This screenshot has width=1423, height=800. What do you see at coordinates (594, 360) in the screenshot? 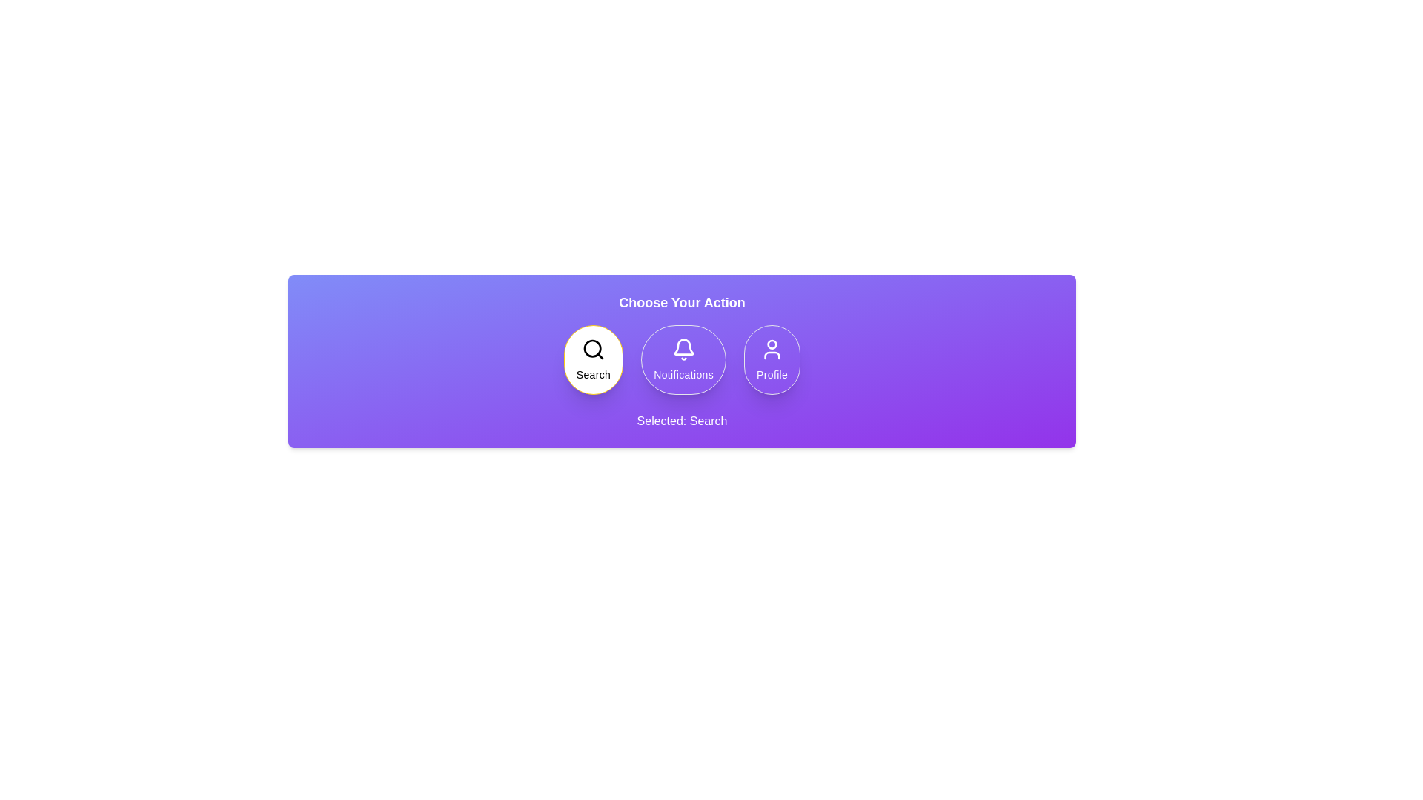
I see `the Search button to observe the hover effect` at bounding box center [594, 360].